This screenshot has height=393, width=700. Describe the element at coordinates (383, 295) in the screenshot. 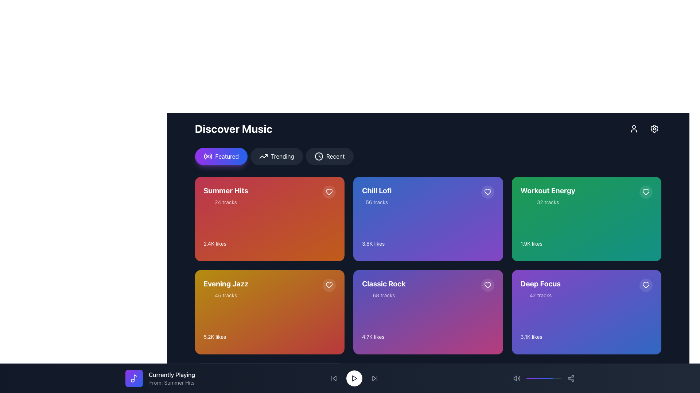

I see `the Text label that indicates the number of tracks available in the 'Classic Rock' playlist, positioned below the 'Classic Rock' text in the Discover Music grid layout` at that location.